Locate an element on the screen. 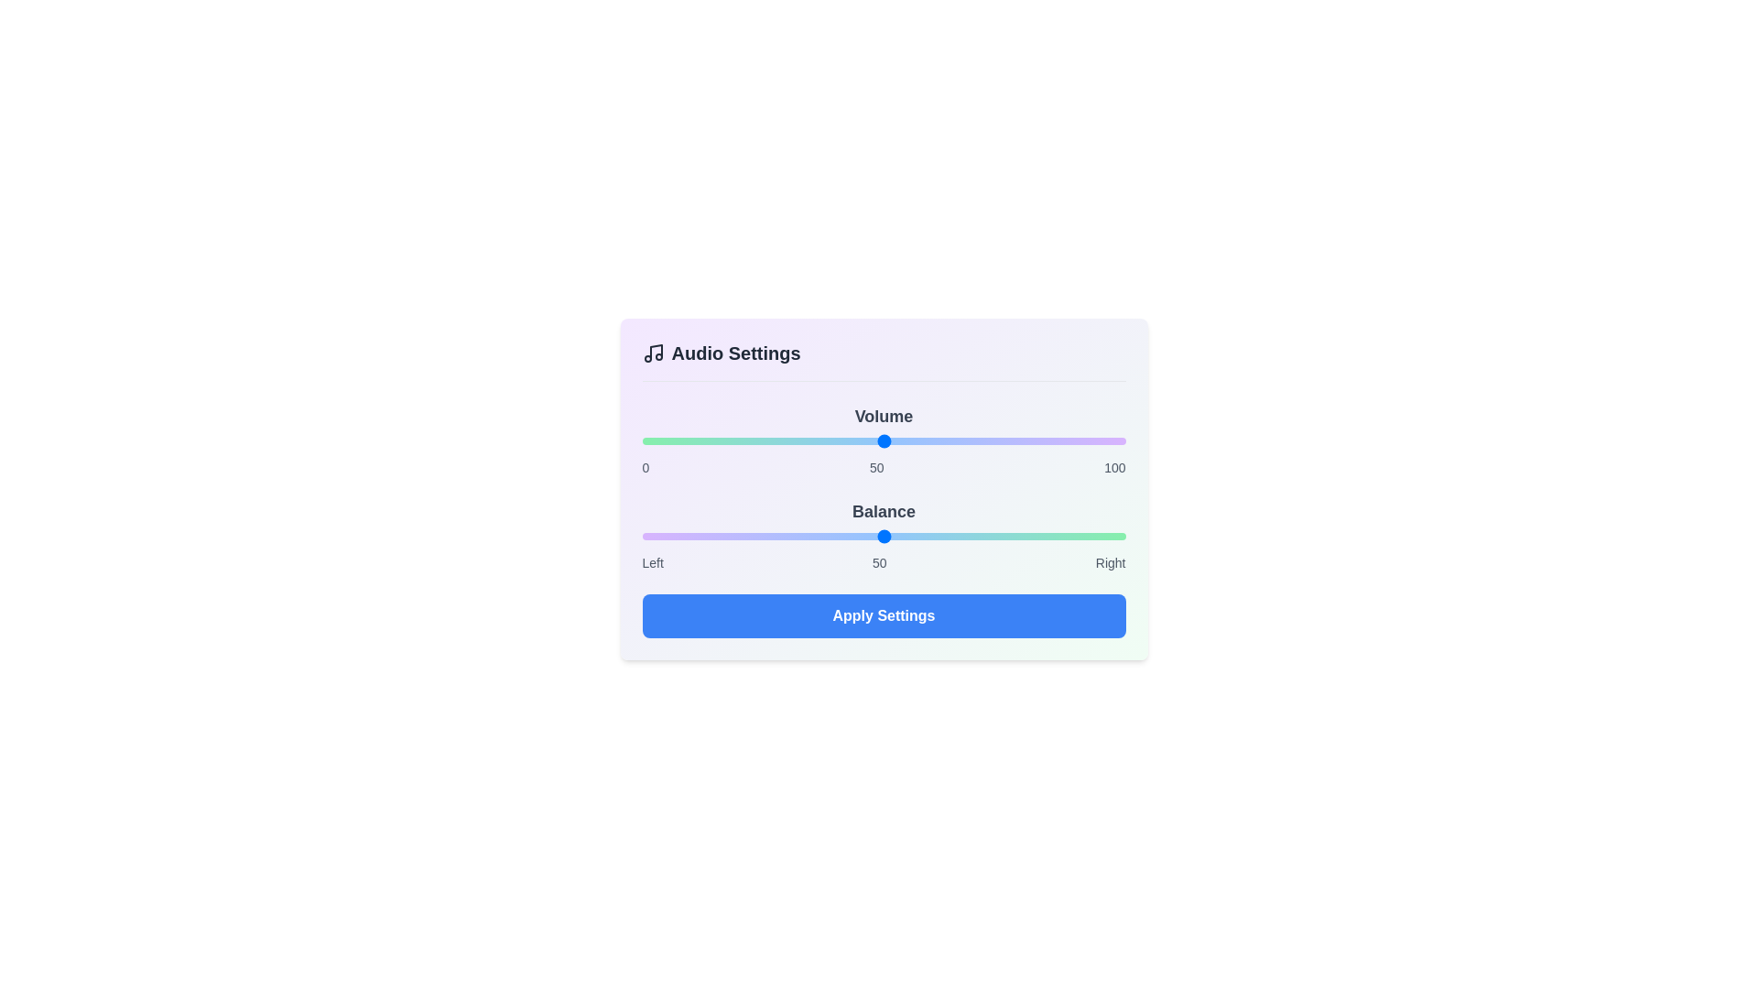 The height and width of the screenshot is (989, 1758). balance is located at coordinates (675, 536).